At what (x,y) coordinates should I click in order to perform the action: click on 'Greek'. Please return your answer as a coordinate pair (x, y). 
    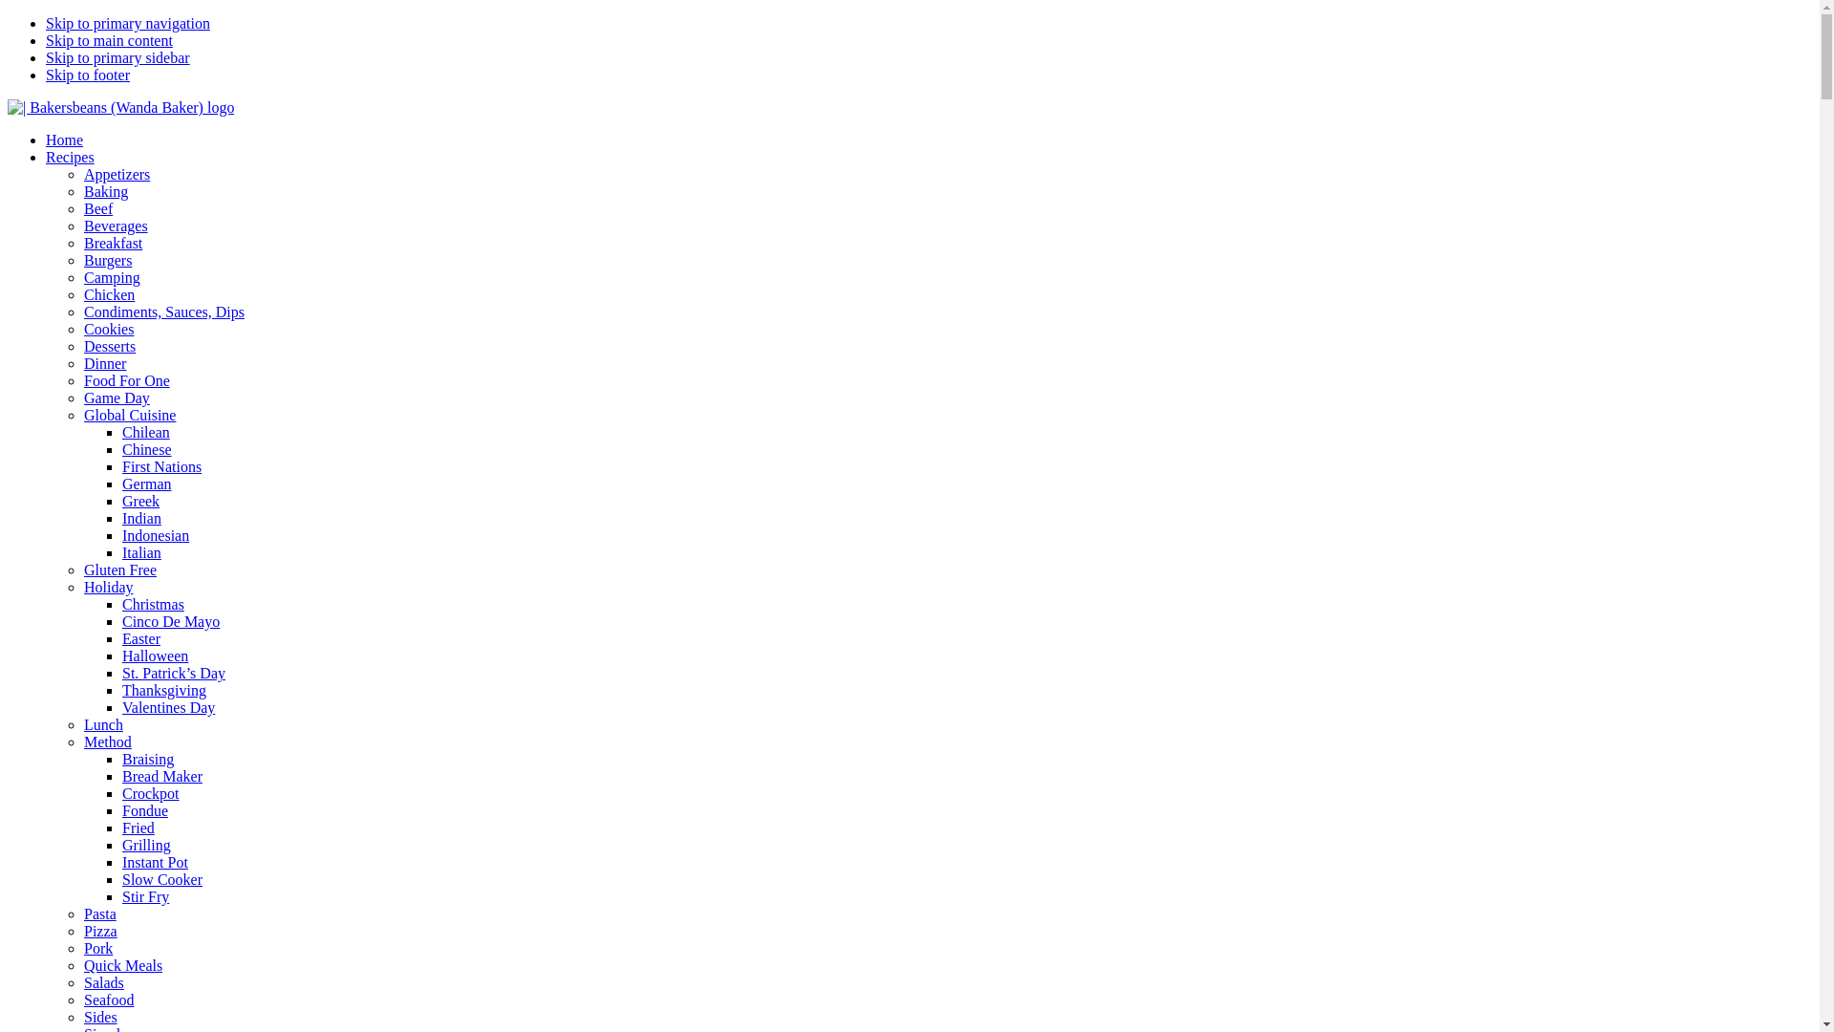
    Looking at the image, I should click on (139, 500).